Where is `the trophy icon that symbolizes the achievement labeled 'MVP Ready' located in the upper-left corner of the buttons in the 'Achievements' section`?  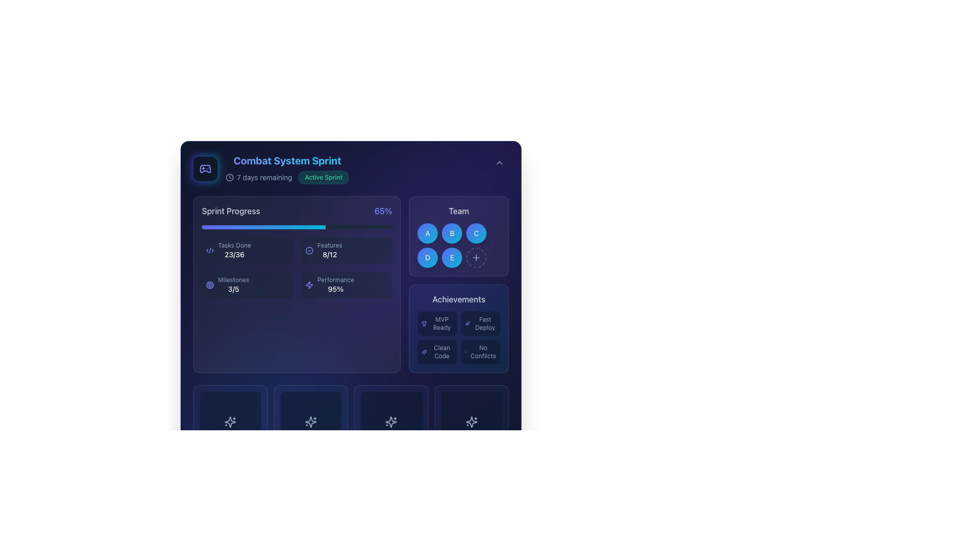
the trophy icon that symbolizes the achievement labeled 'MVP Ready' located in the upper-left corner of the buttons in the 'Achievements' section is located at coordinates (424, 323).